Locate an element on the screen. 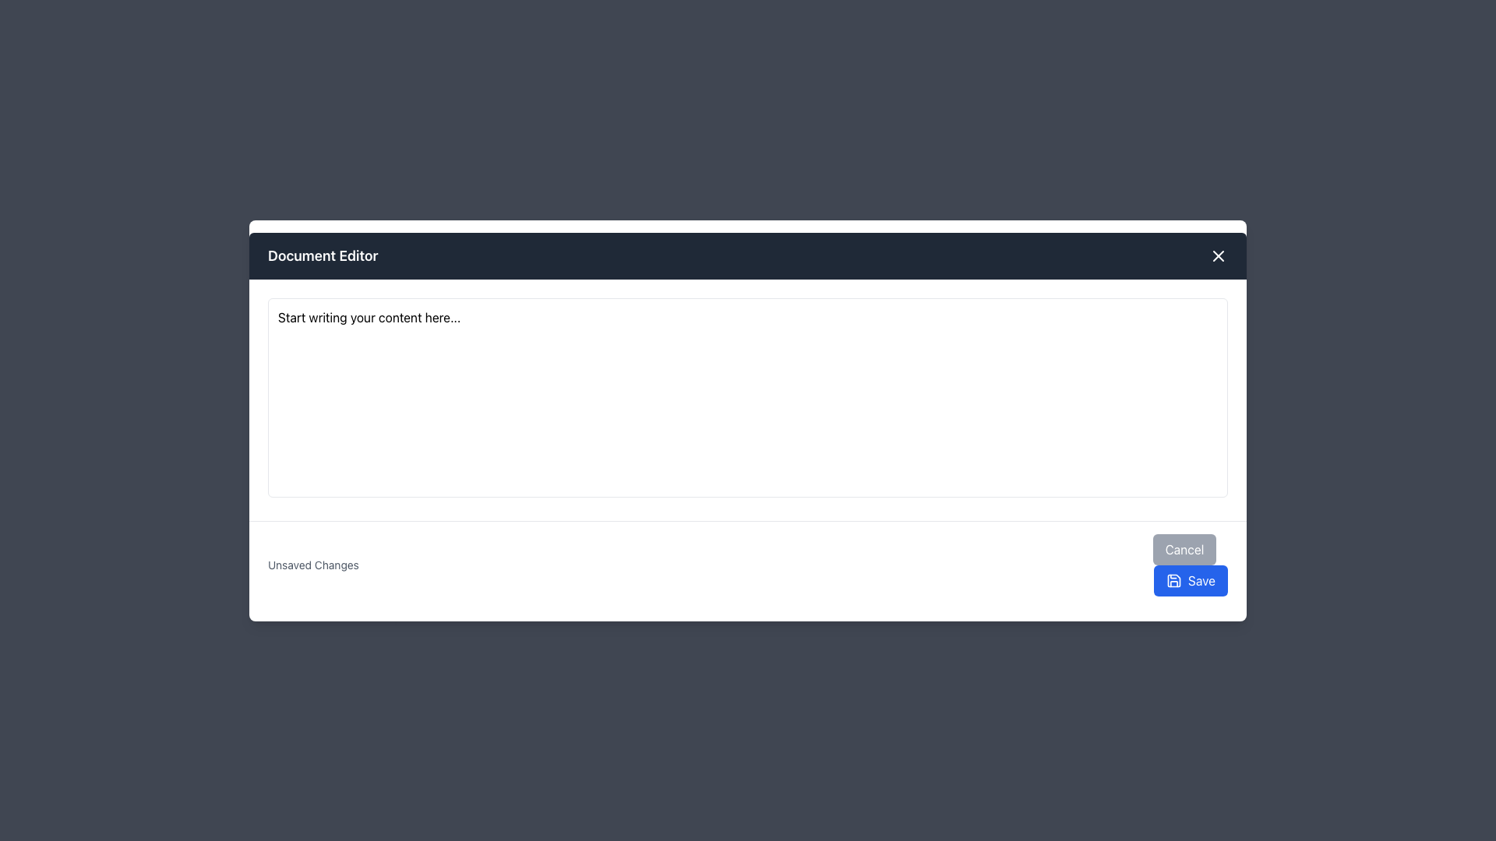  the Save icon located inside the blue rectangular button labeled 'Save' in the bottom-right corner of the interface is located at coordinates (1174, 580).